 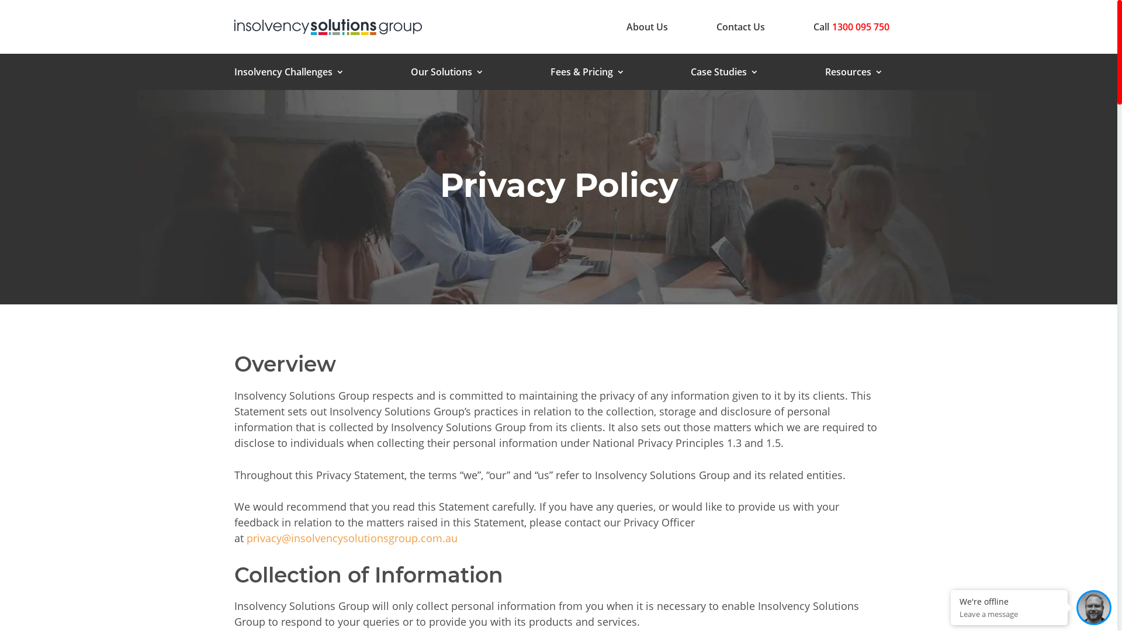 I want to click on 'About Us', so click(x=625, y=26).